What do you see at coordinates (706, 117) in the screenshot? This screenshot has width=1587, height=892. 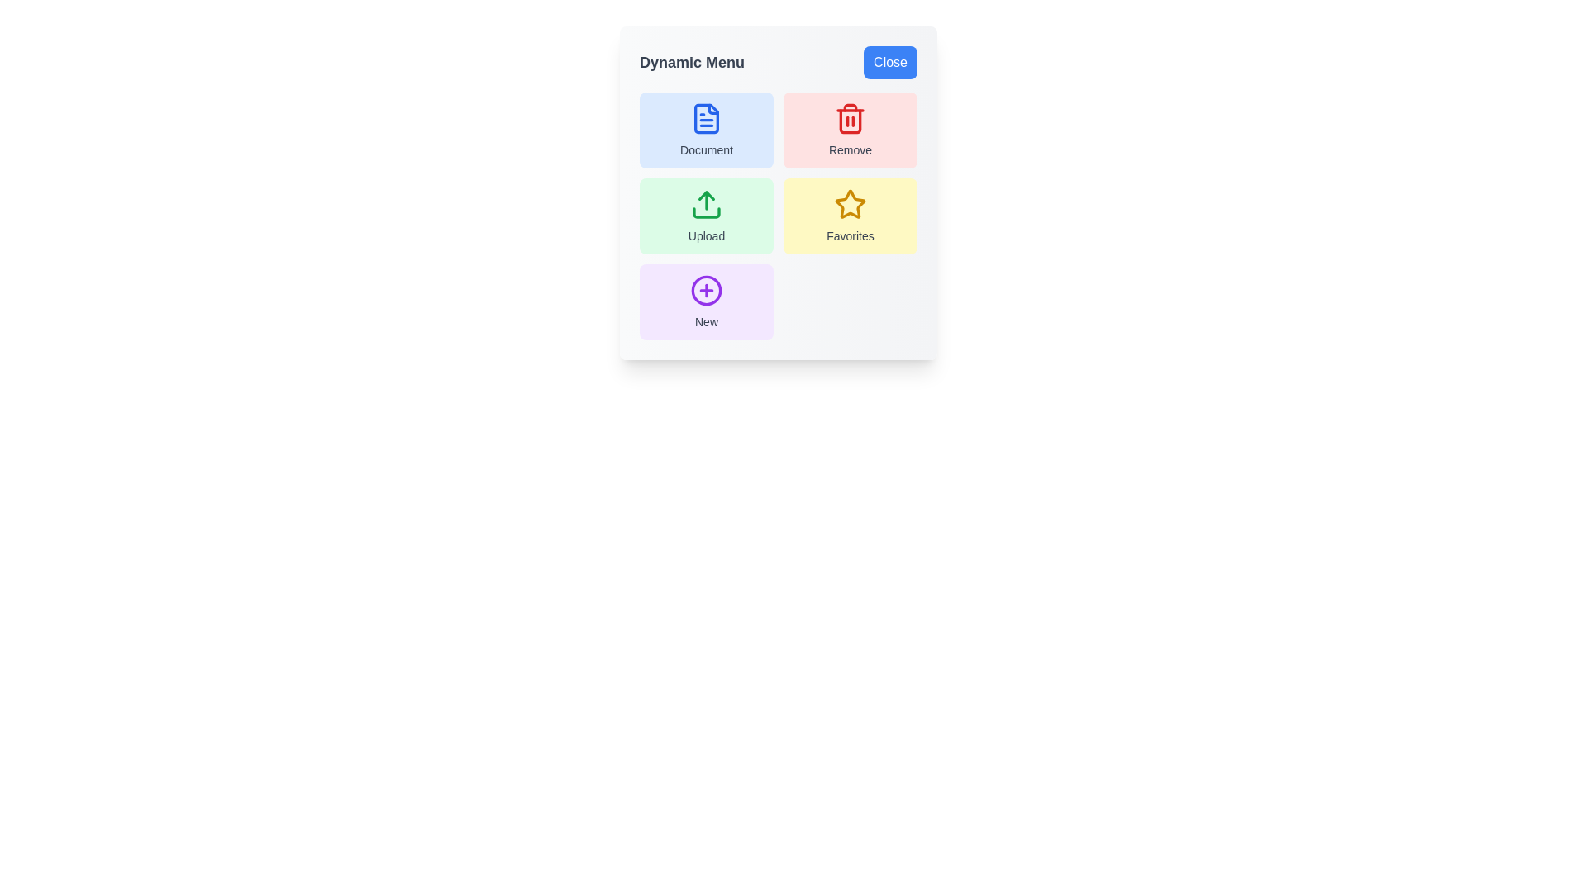 I see `the document-related icon located in the top-left corner of the grid layout, adjacent to the 'Remove' button` at bounding box center [706, 117].